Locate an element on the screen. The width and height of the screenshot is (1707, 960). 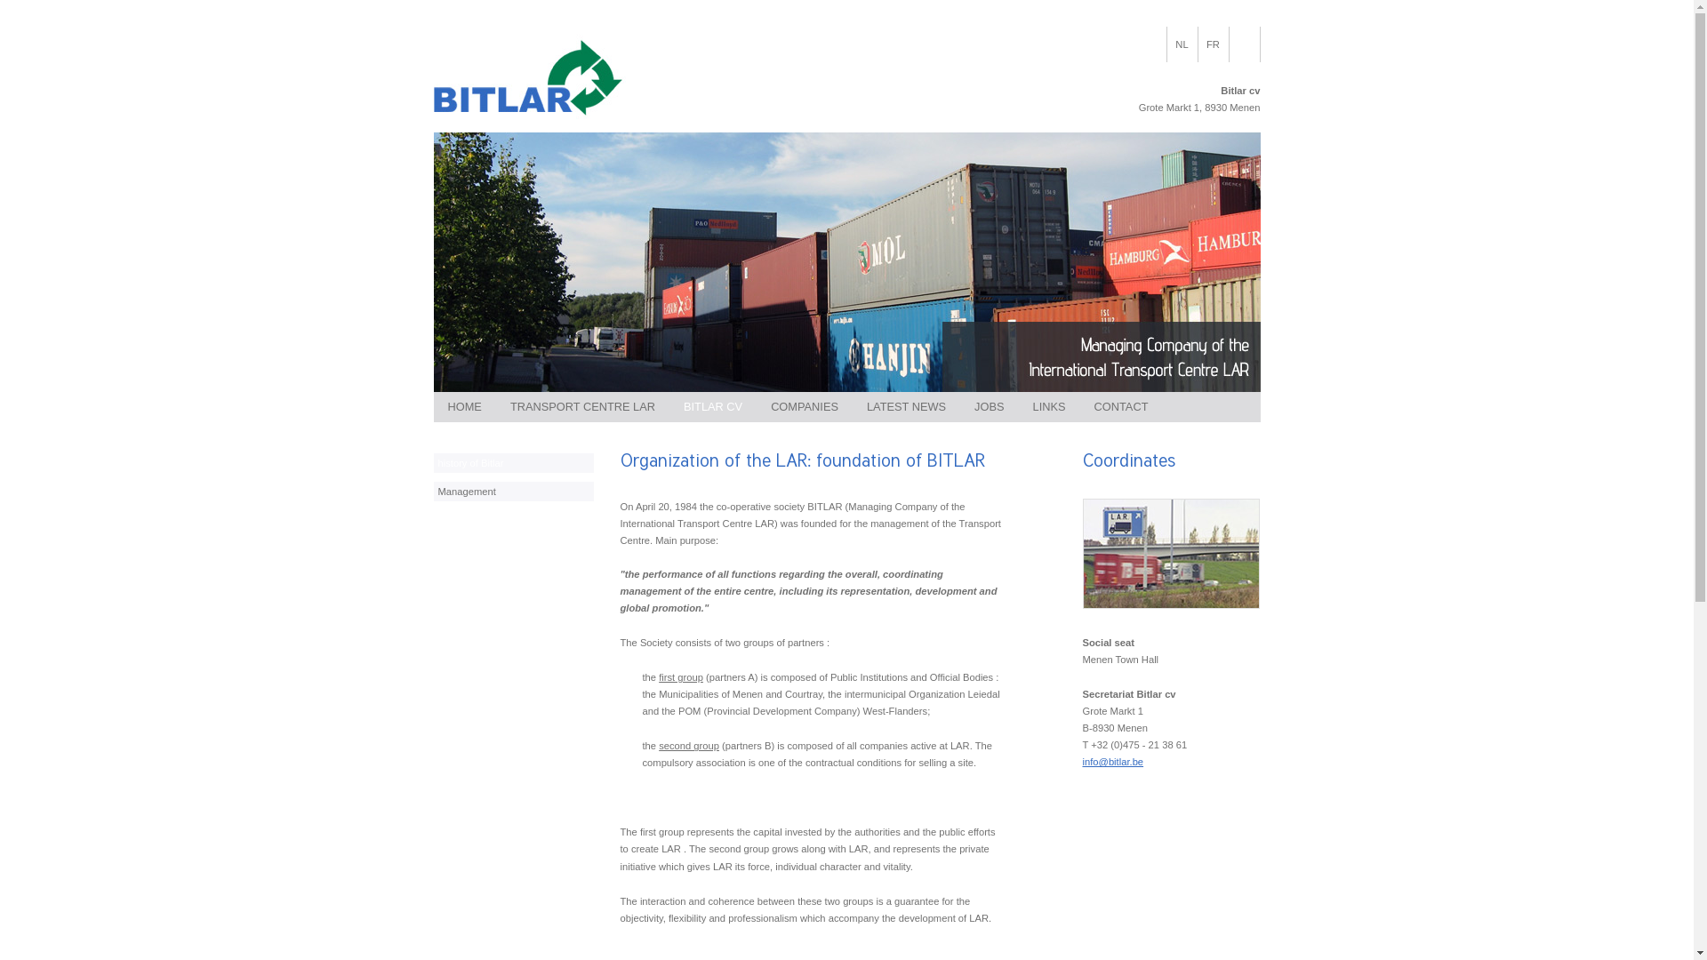
'NL' is located at coordinates (1182, 44).